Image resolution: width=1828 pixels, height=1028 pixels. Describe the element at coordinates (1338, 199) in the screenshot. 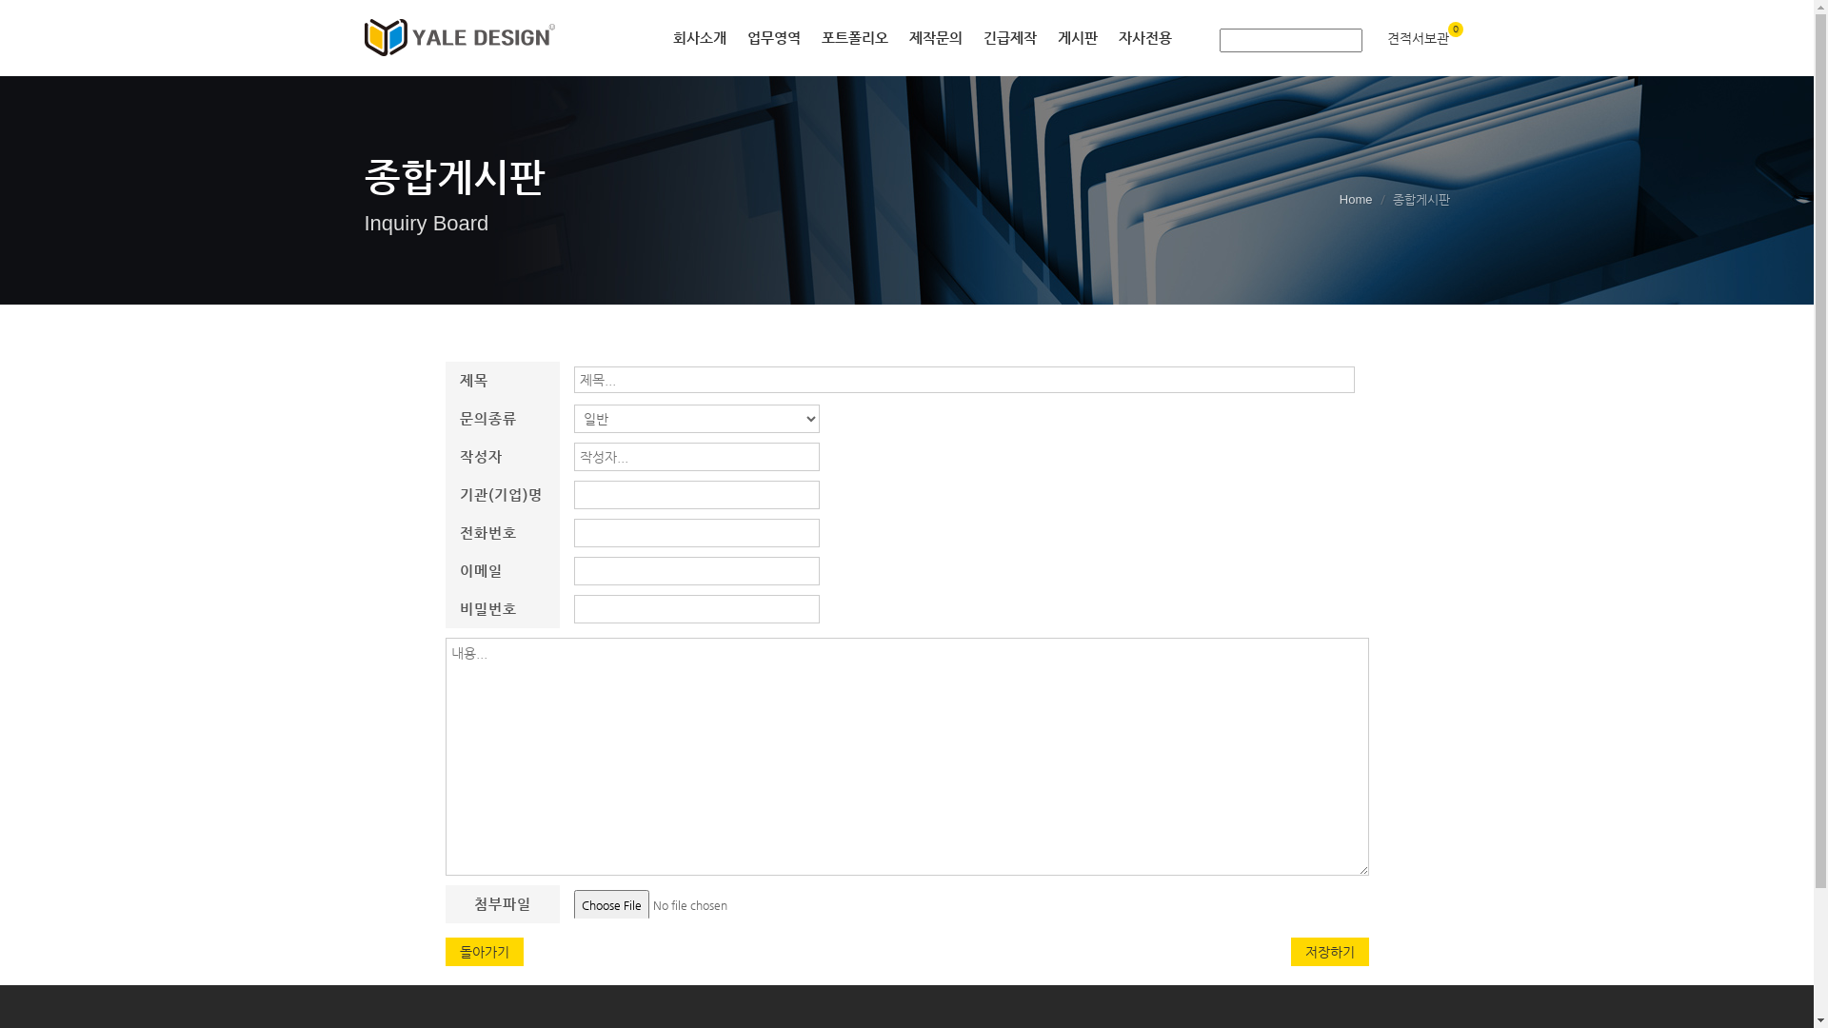

I see `'Home'` at that location.